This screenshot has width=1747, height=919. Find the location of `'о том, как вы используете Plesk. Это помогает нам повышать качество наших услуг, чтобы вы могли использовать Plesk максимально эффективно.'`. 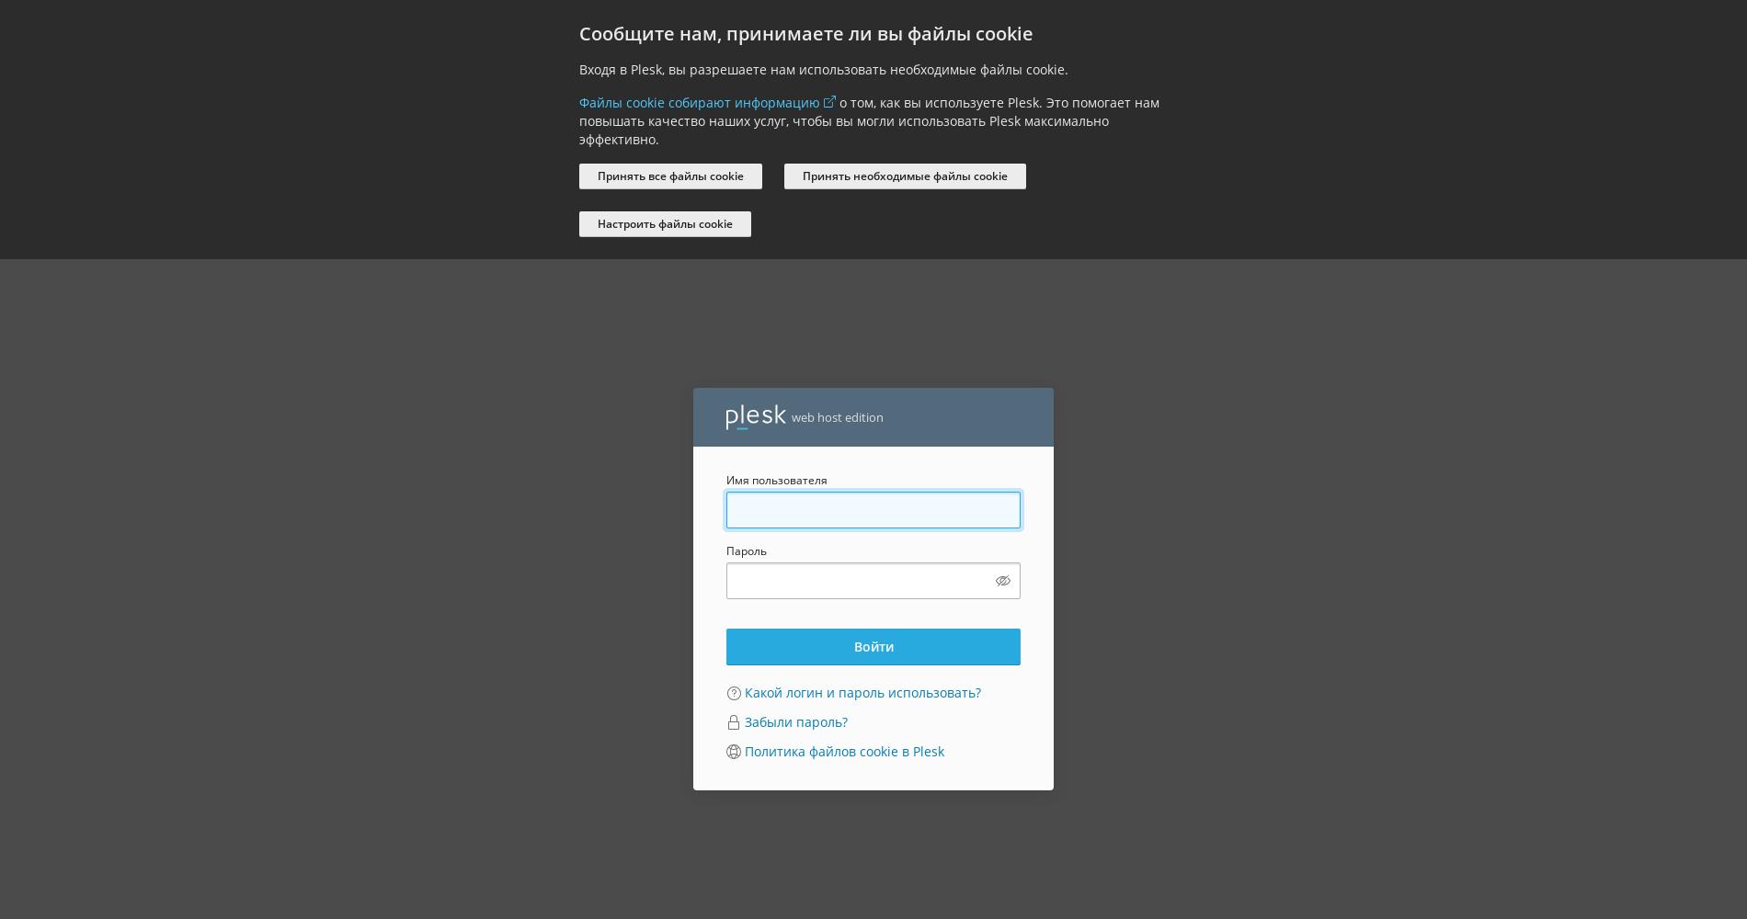

'о том, как вы используете Plesk. Это помогает нам повышать качество наших услуг, чтобы вы могли использовать Plesk максимально эффективно.' is located at coordinates (868, 120).